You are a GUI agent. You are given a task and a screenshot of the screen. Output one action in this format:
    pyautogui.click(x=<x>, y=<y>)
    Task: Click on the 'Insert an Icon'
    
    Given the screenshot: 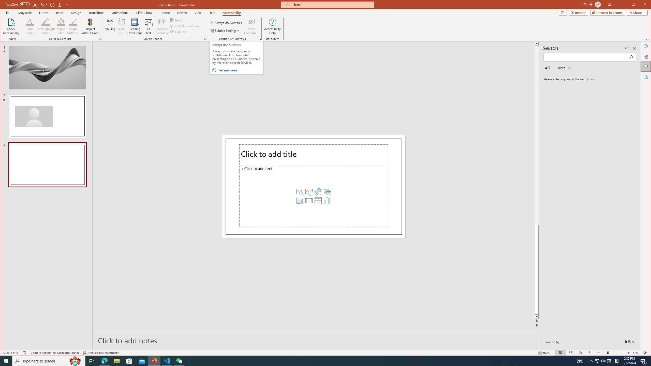 What is the action you would take?
    pyautogui.click(x=318, y=191)
    